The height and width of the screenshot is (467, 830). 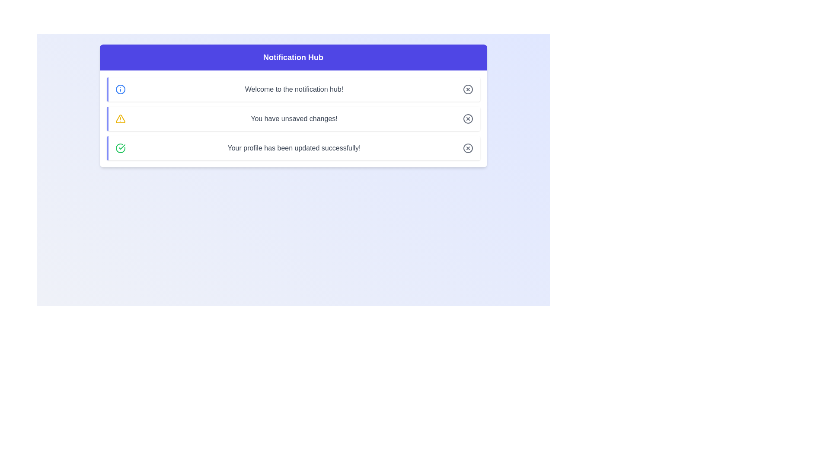 I want to click on the success icon located at the leftmost part of the third notification in the notification panel, which indicates that the profile has been updated successfully, so click(x=120, y=148).